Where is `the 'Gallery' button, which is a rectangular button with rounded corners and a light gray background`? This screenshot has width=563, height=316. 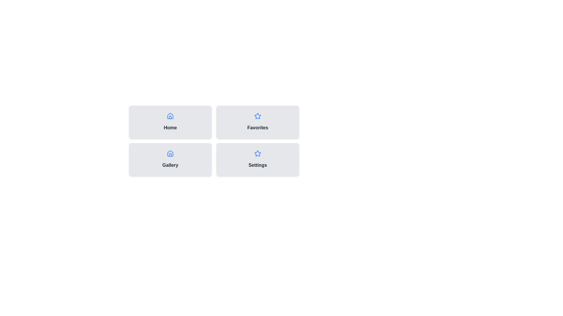
the 'Gallery' button, which is a rectangular button with rounded corners and a light gray background is located at coordinates (170, 159).